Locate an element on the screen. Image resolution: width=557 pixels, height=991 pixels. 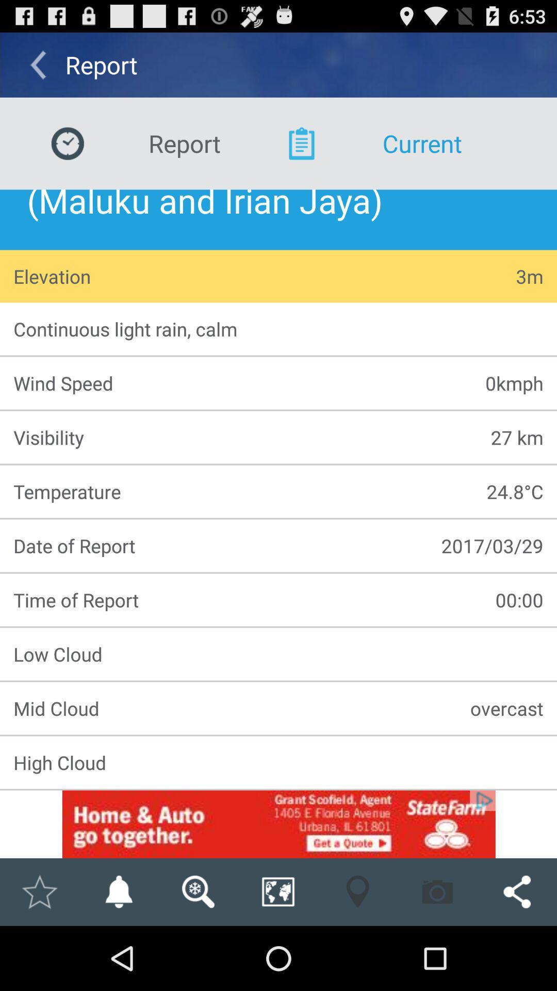
notification option is located at coordinates (118, 891).